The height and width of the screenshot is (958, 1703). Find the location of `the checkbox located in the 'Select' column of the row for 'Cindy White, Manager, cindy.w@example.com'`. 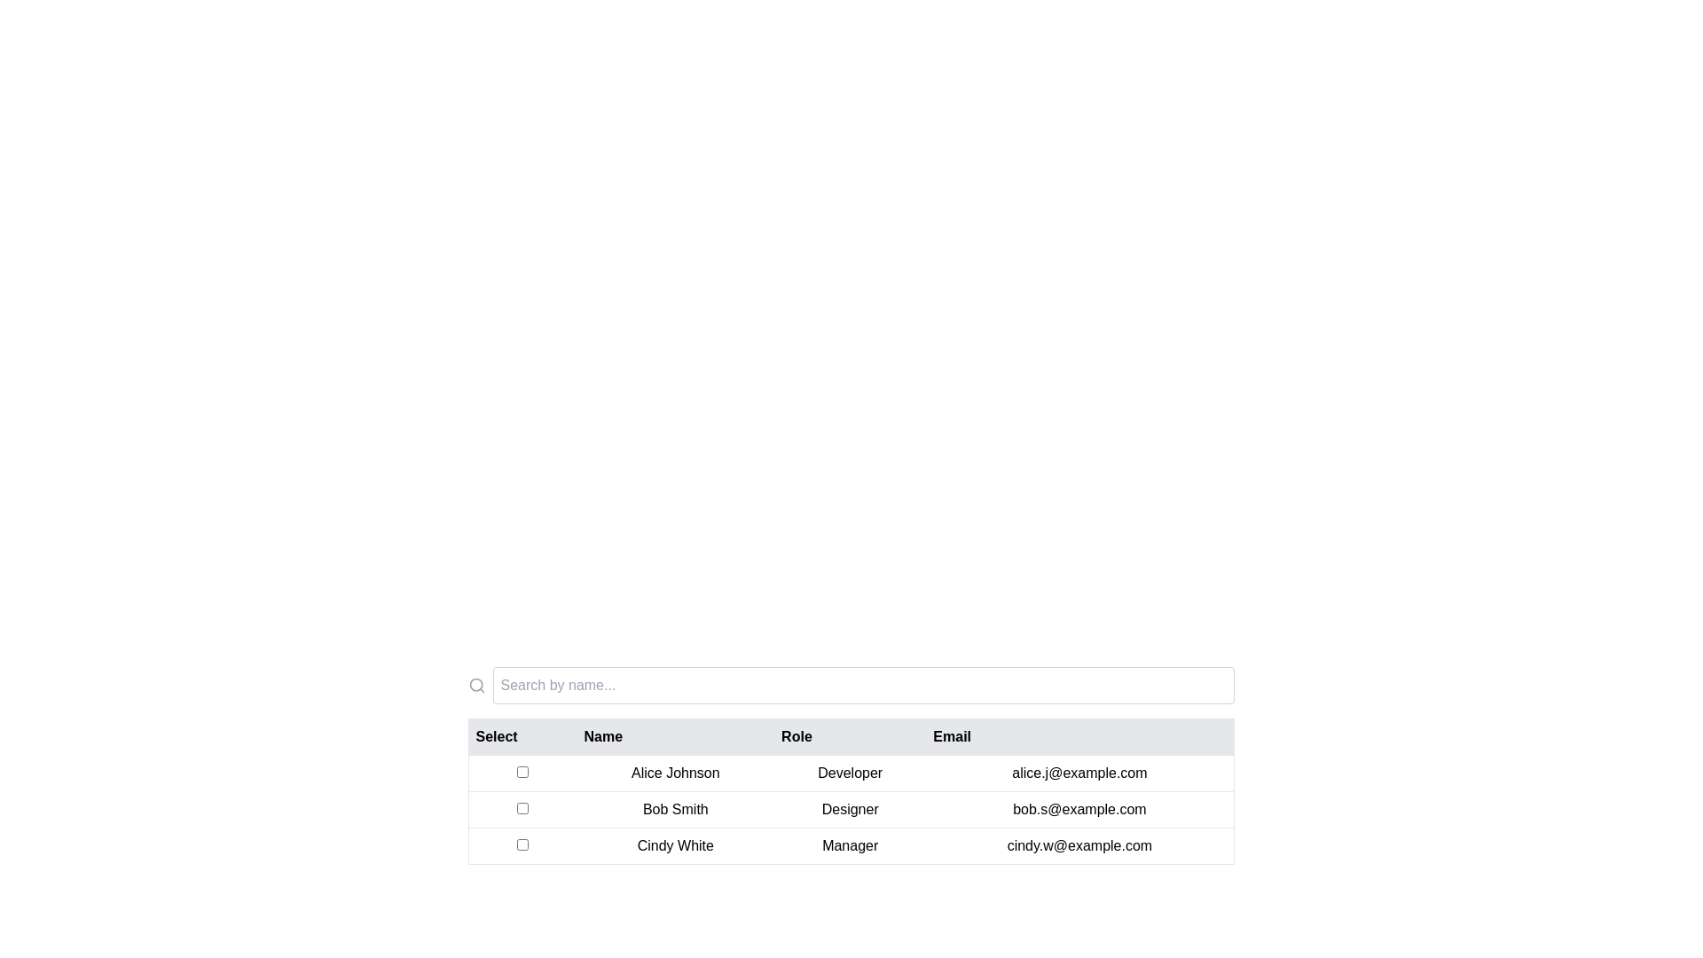

the checkbox located in the 'Select' column of the row for 'Cindy White, Manager, cindy.w@example.com' is located at coordinates (522, 844).